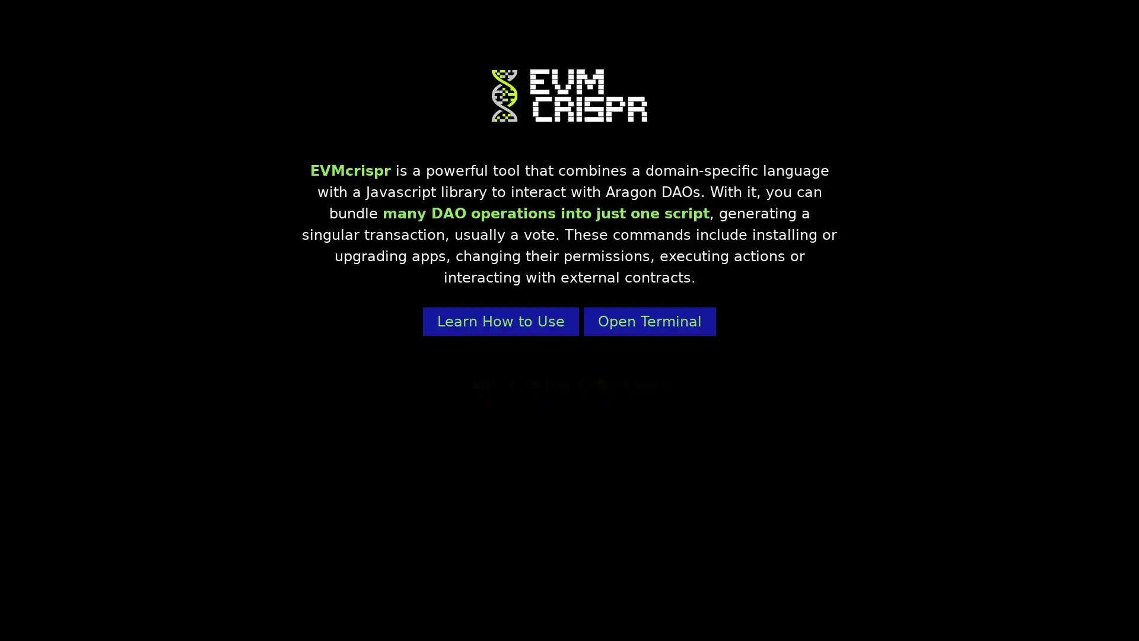  I want to click on Learn How to Use, so click(501, 322).